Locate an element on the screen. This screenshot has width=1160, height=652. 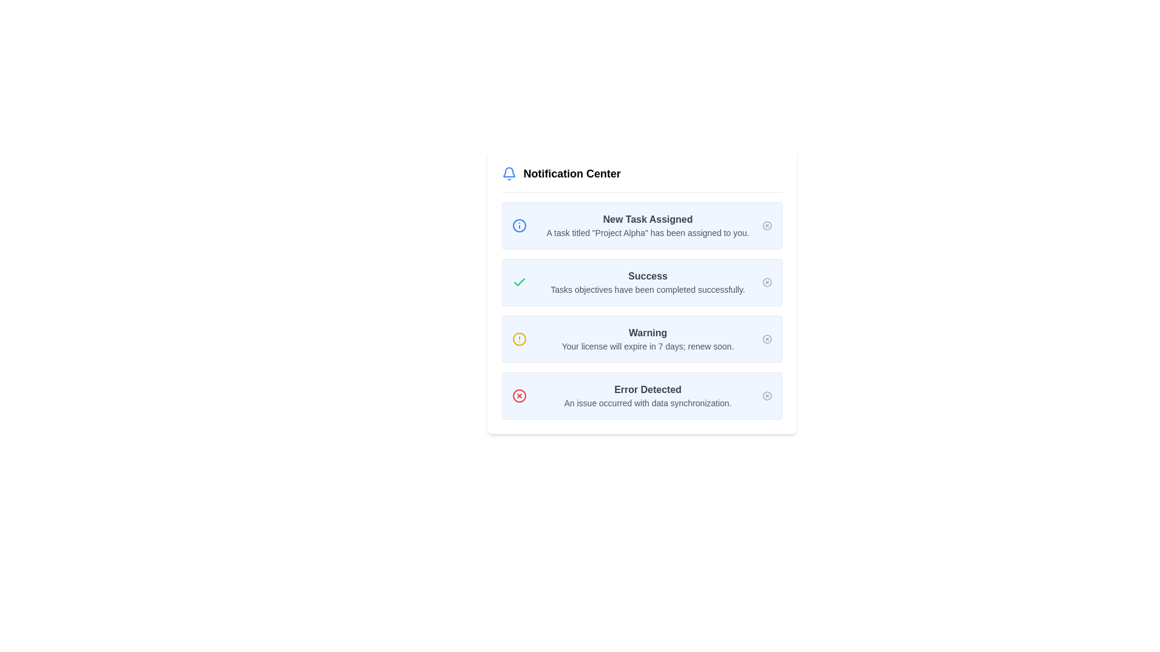
the green checkmark icon styled with a rounded stroke, which is positioned next to the 'Success' text within a blue-bordered notification card is located at coordinates (519, 282).